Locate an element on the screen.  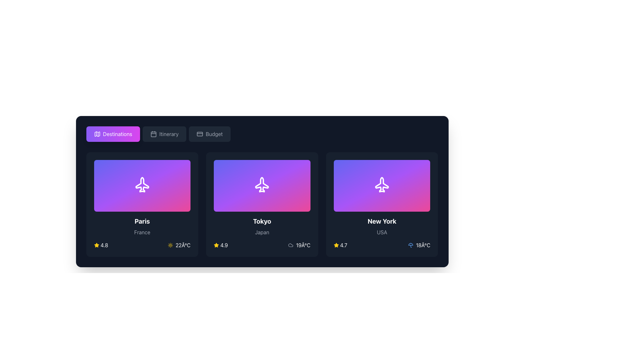
temperature value displayed in the text label for 'New York', which is located at the bottom of the card next to the umbrella icon is located at coordinates (423, 245).